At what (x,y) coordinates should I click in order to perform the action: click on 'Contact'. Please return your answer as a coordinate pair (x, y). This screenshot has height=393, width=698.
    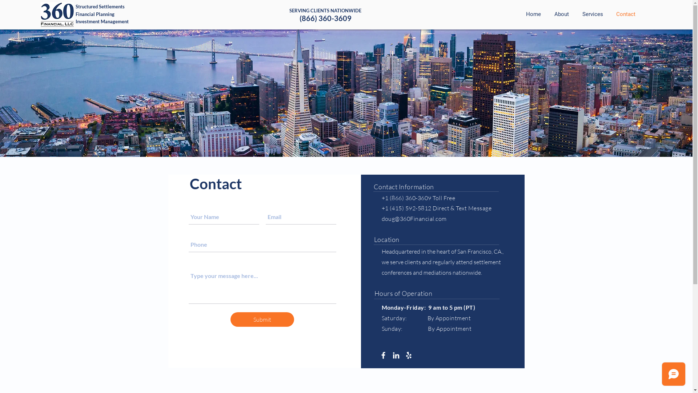
    Looking at the image, I should click on (624, 14).